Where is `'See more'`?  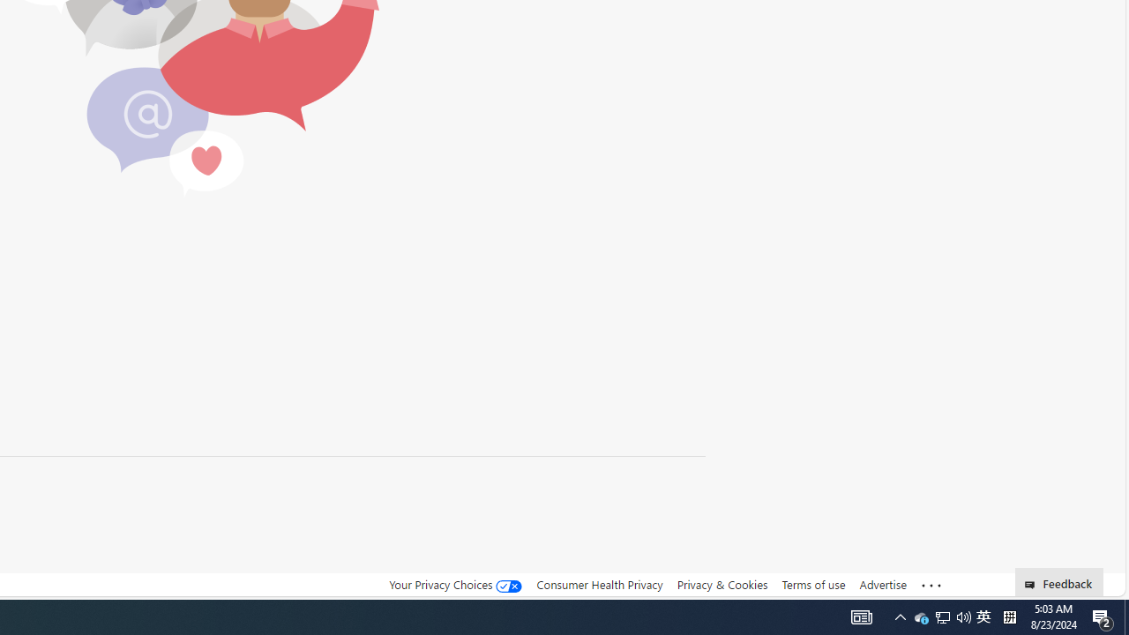
'See more' is located at coordinates (931, 586).